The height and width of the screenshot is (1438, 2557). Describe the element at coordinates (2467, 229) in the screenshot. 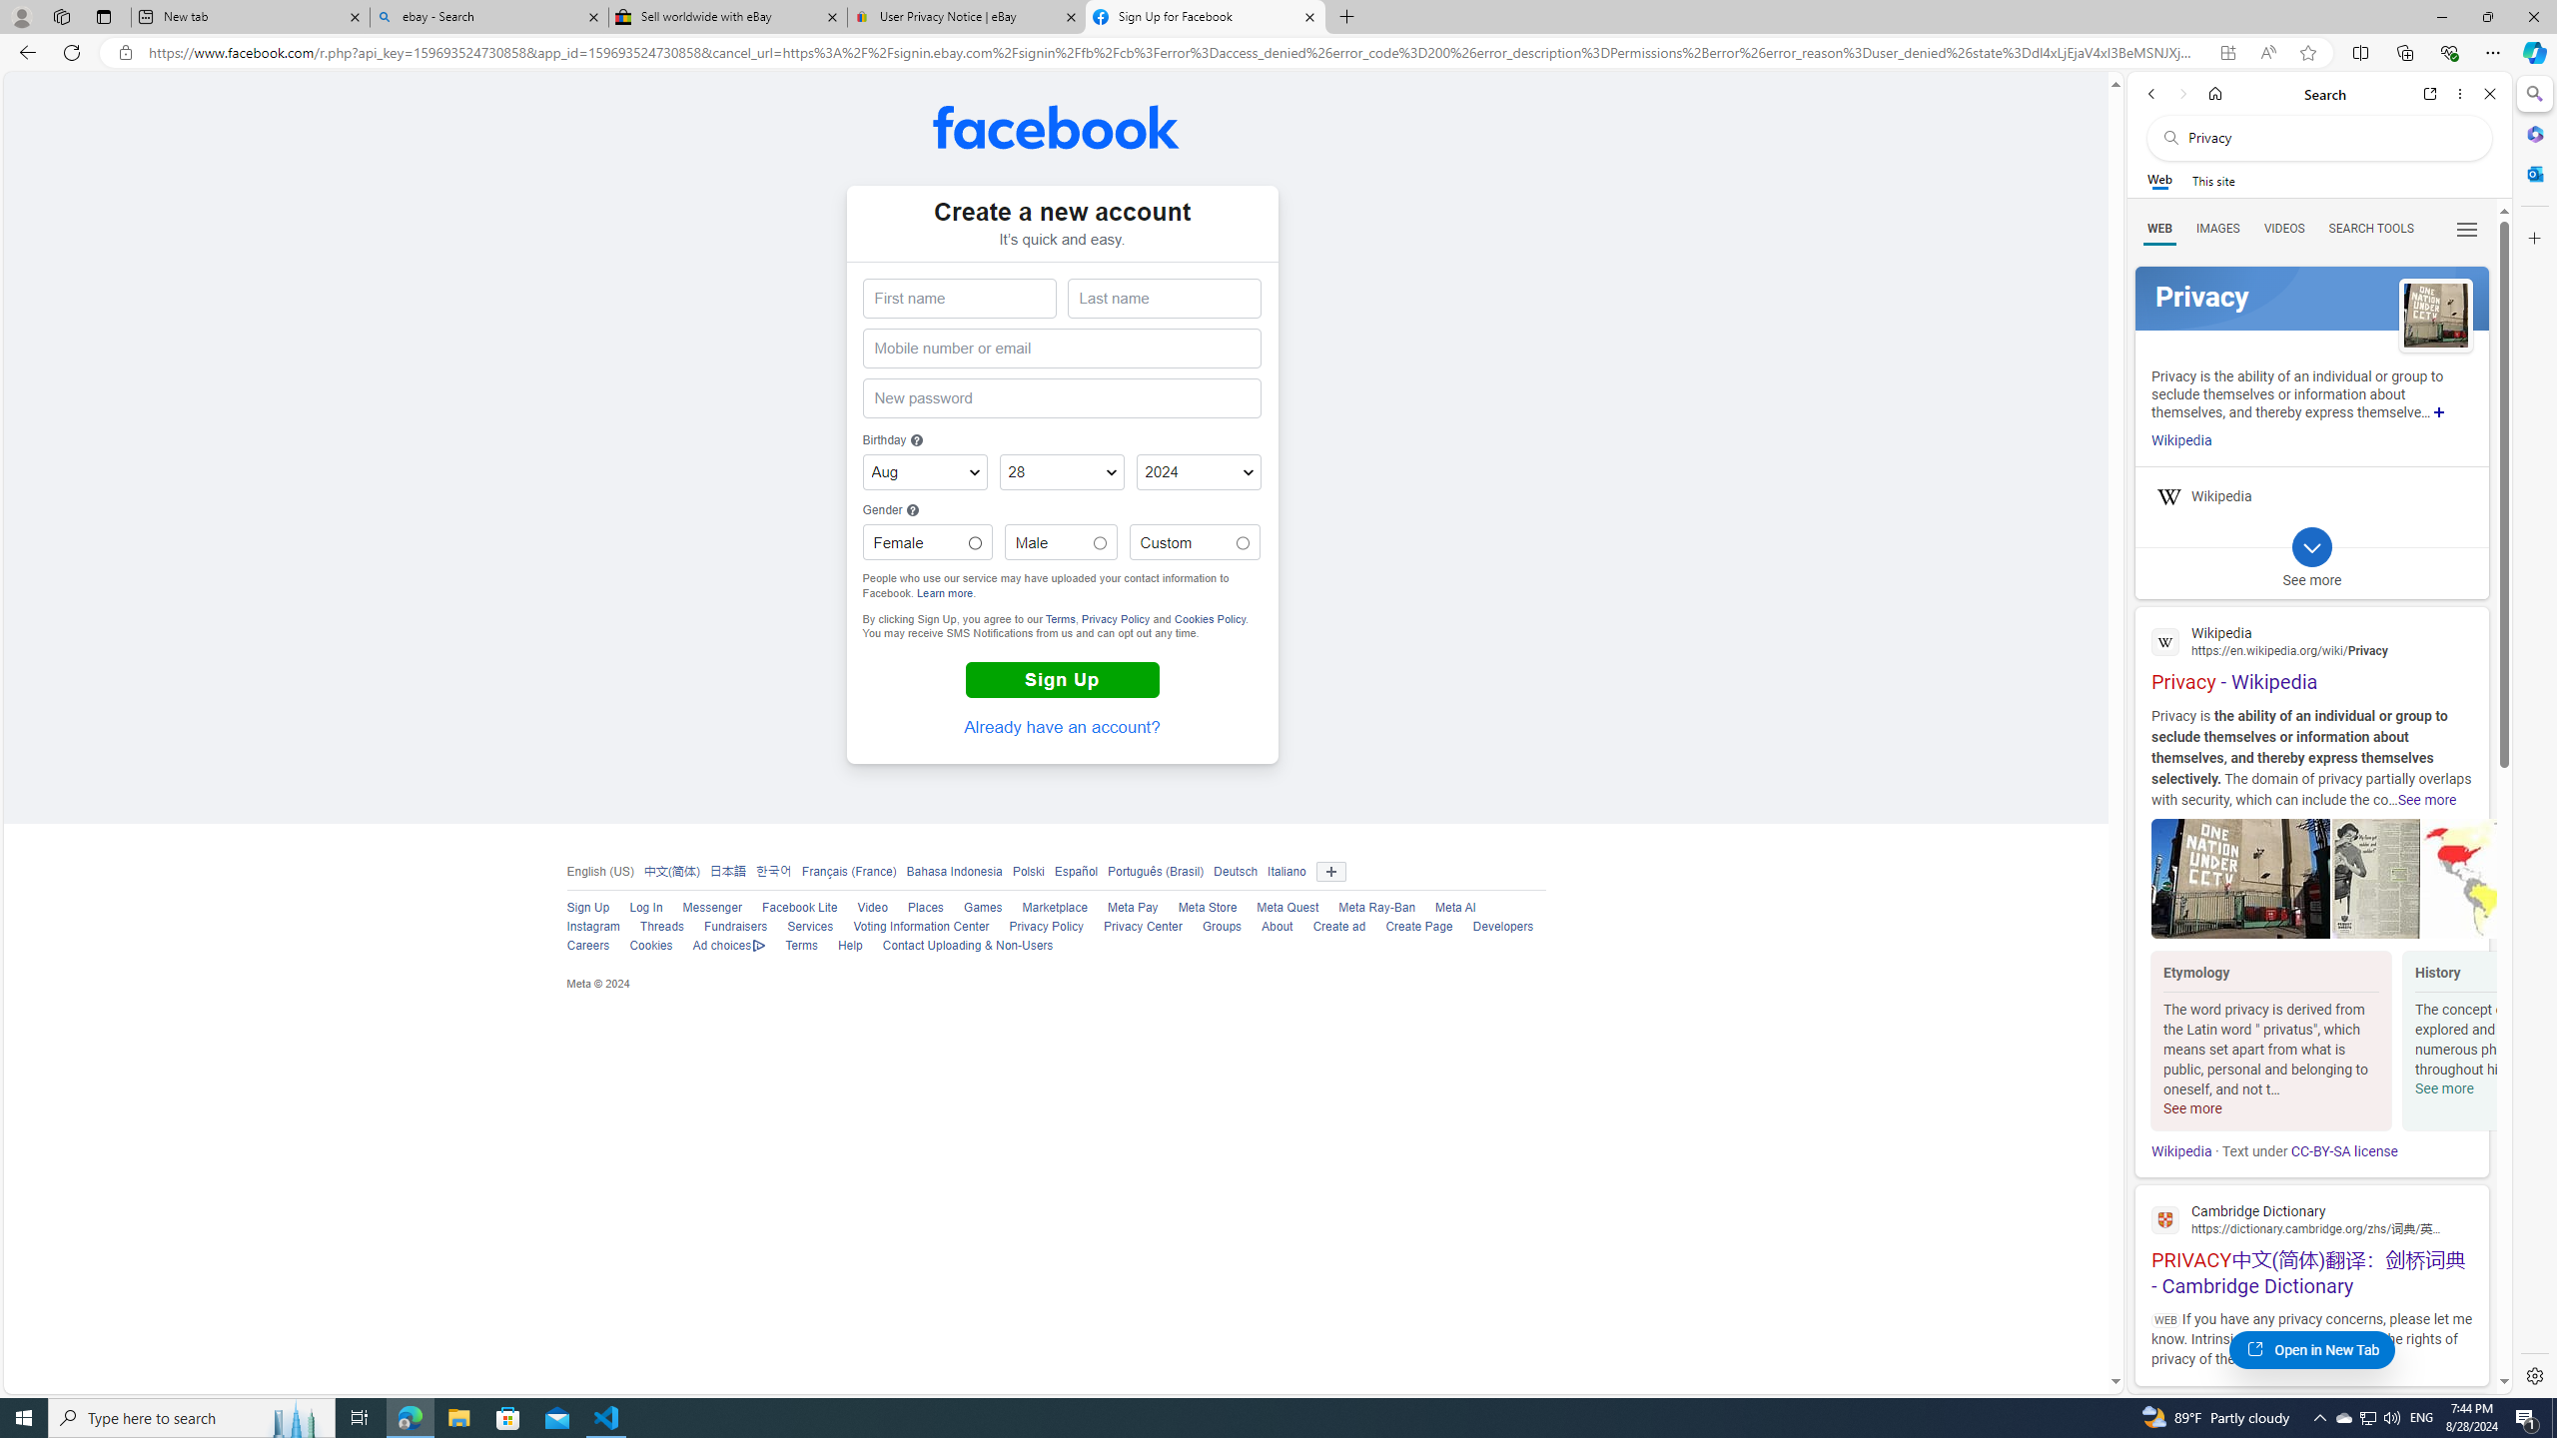

I see `'Class: b_serphb'` at that location.